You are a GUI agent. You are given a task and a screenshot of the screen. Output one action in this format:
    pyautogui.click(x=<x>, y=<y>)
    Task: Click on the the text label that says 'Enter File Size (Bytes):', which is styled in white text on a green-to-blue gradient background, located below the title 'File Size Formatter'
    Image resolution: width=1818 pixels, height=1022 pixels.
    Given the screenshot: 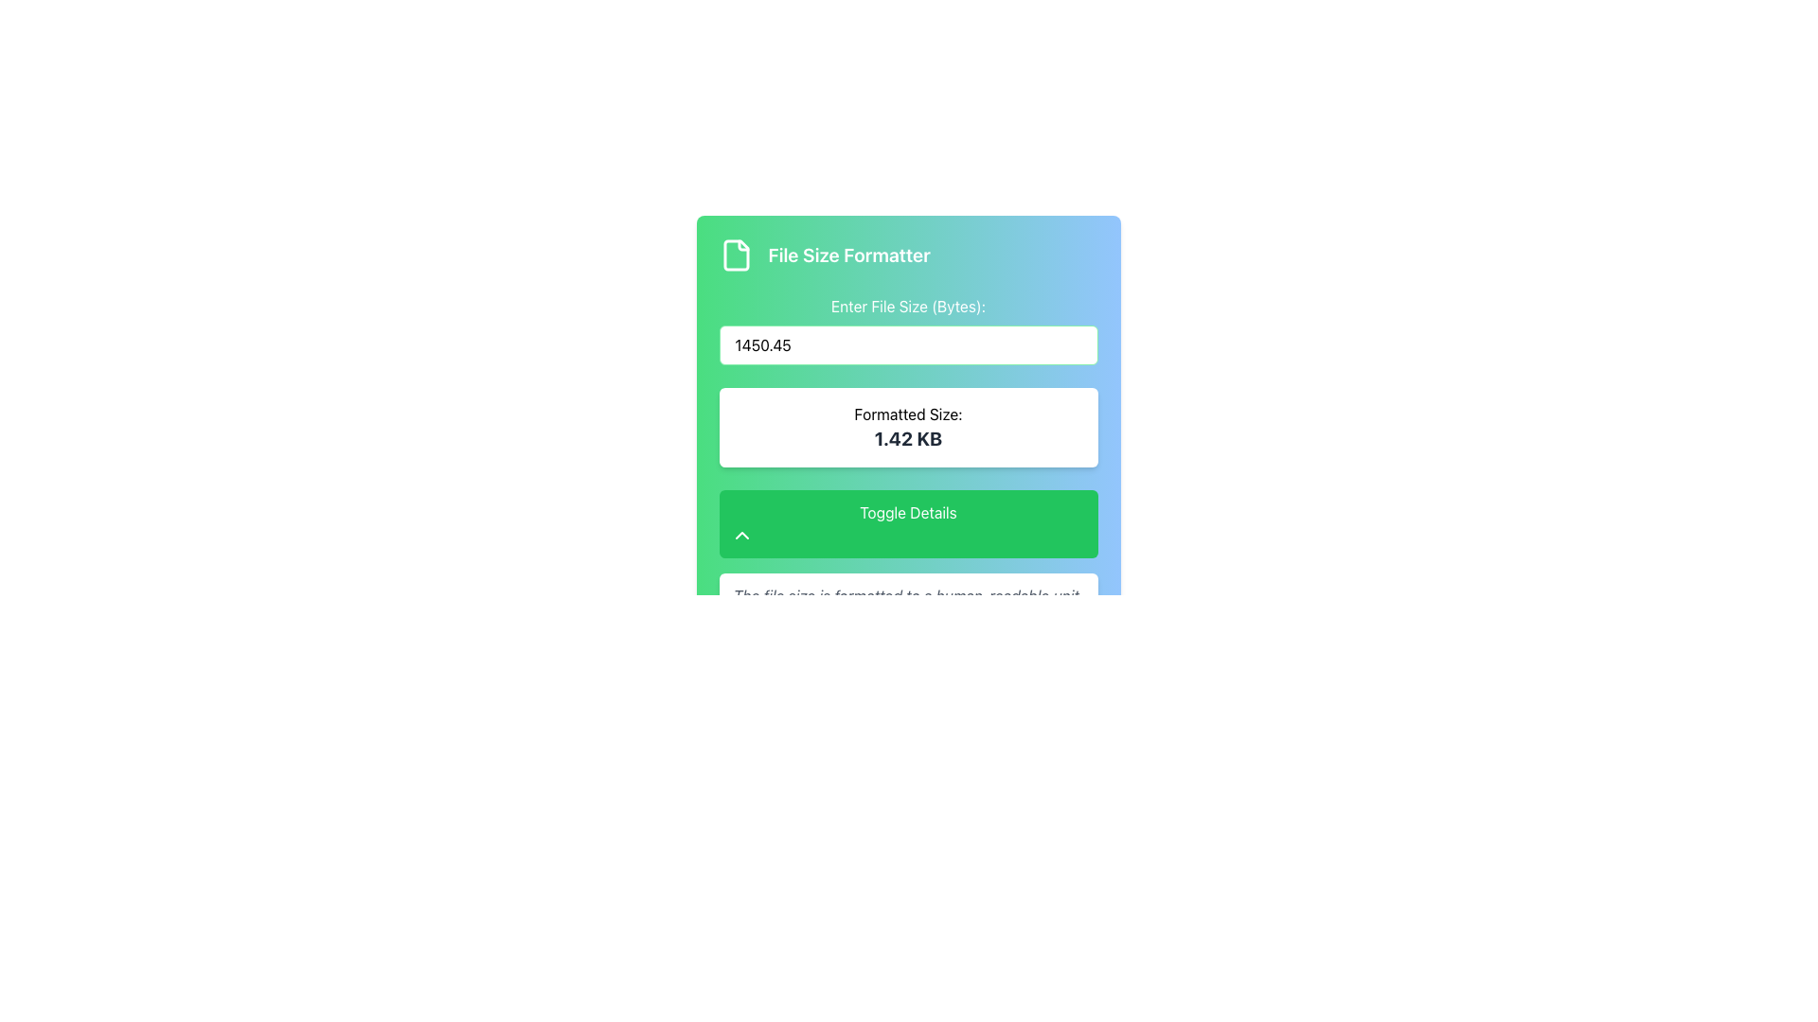 What is the action you would take?
    pyautogui.click(x=907, y=306)
    